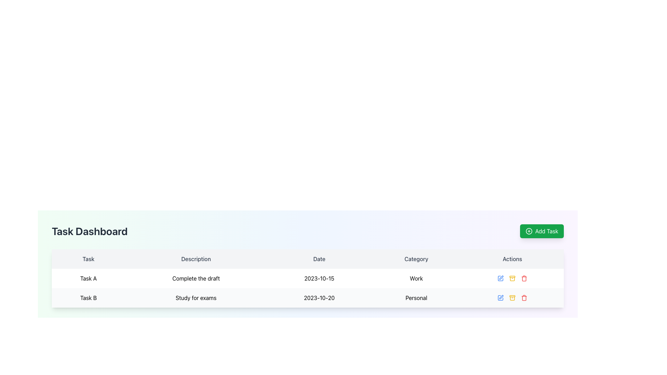 This screenshot has height=375, width=667. Describe the element at coordinates (512, 297) in the screenshot. I see `the yellow archive box icon located in the Actions column of the second row in the task table to archive the task` at that location.